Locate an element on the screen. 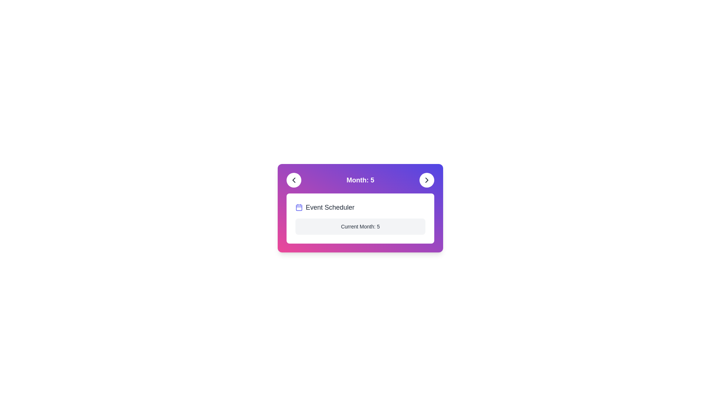 This screenshot has width=709, height=398. the chevron right icon in the top-right corner of the primary card layout is located at coordinates (427, 180).